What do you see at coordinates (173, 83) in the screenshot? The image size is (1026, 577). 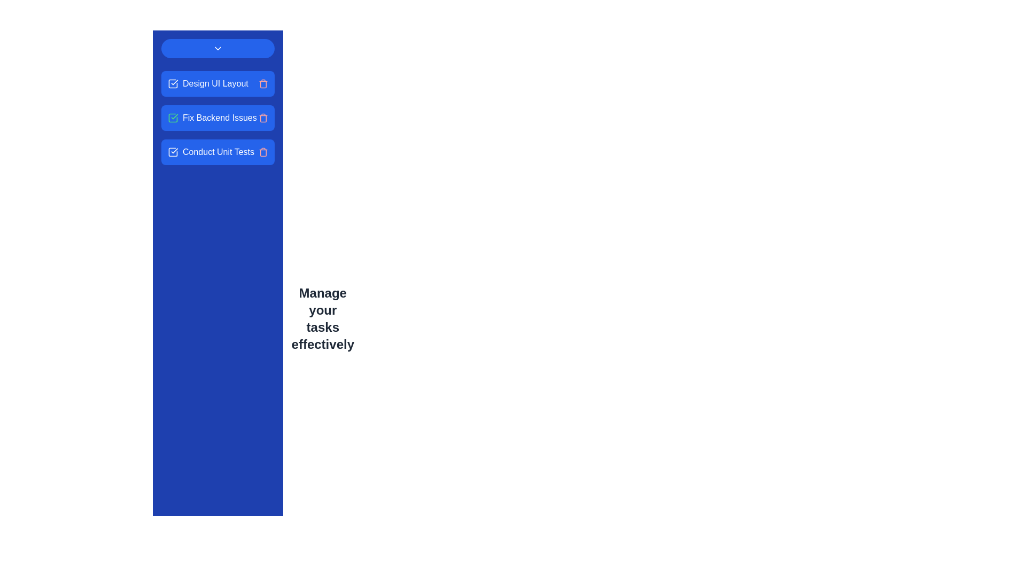 I see `the checkbox for the task 'Design UI Layout'` at bounding box center [173, 83].